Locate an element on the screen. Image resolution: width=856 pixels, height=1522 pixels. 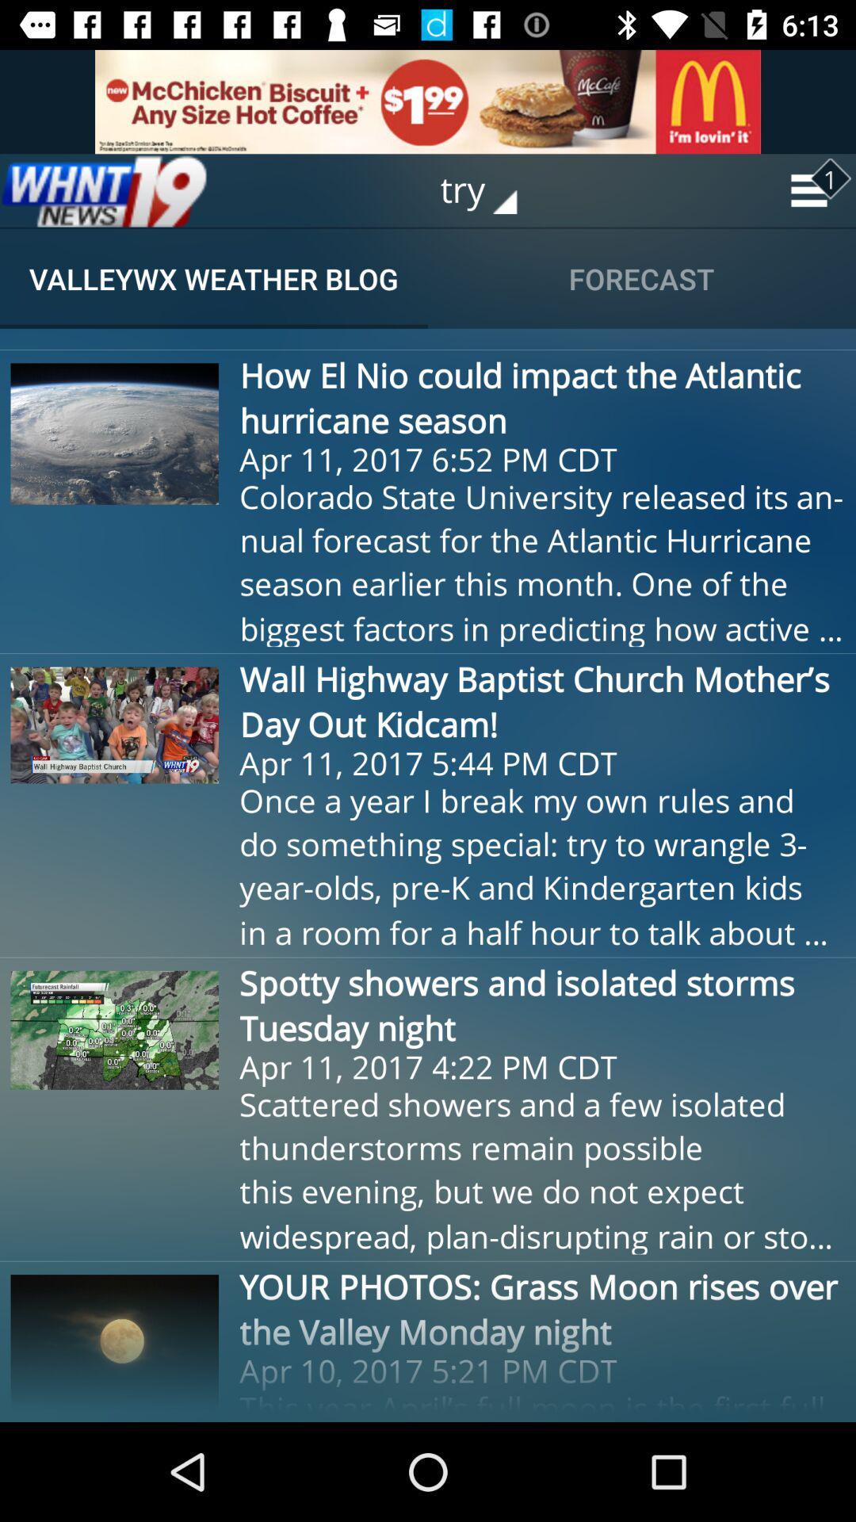
the item to the left of try icon is located at coordinates (104, 190).